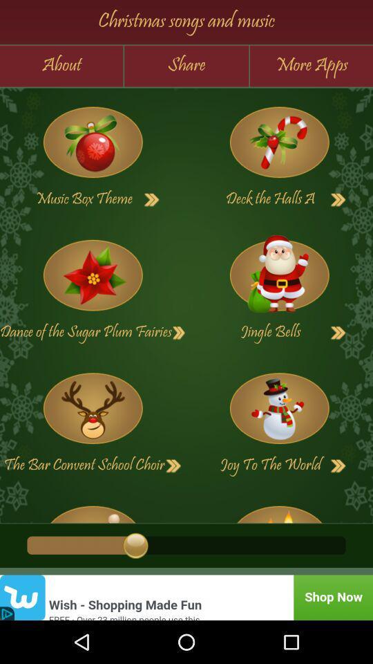 The width and height of the screenshot is (373, 664). I want to click on the deck the halls song, so click(338, 199).